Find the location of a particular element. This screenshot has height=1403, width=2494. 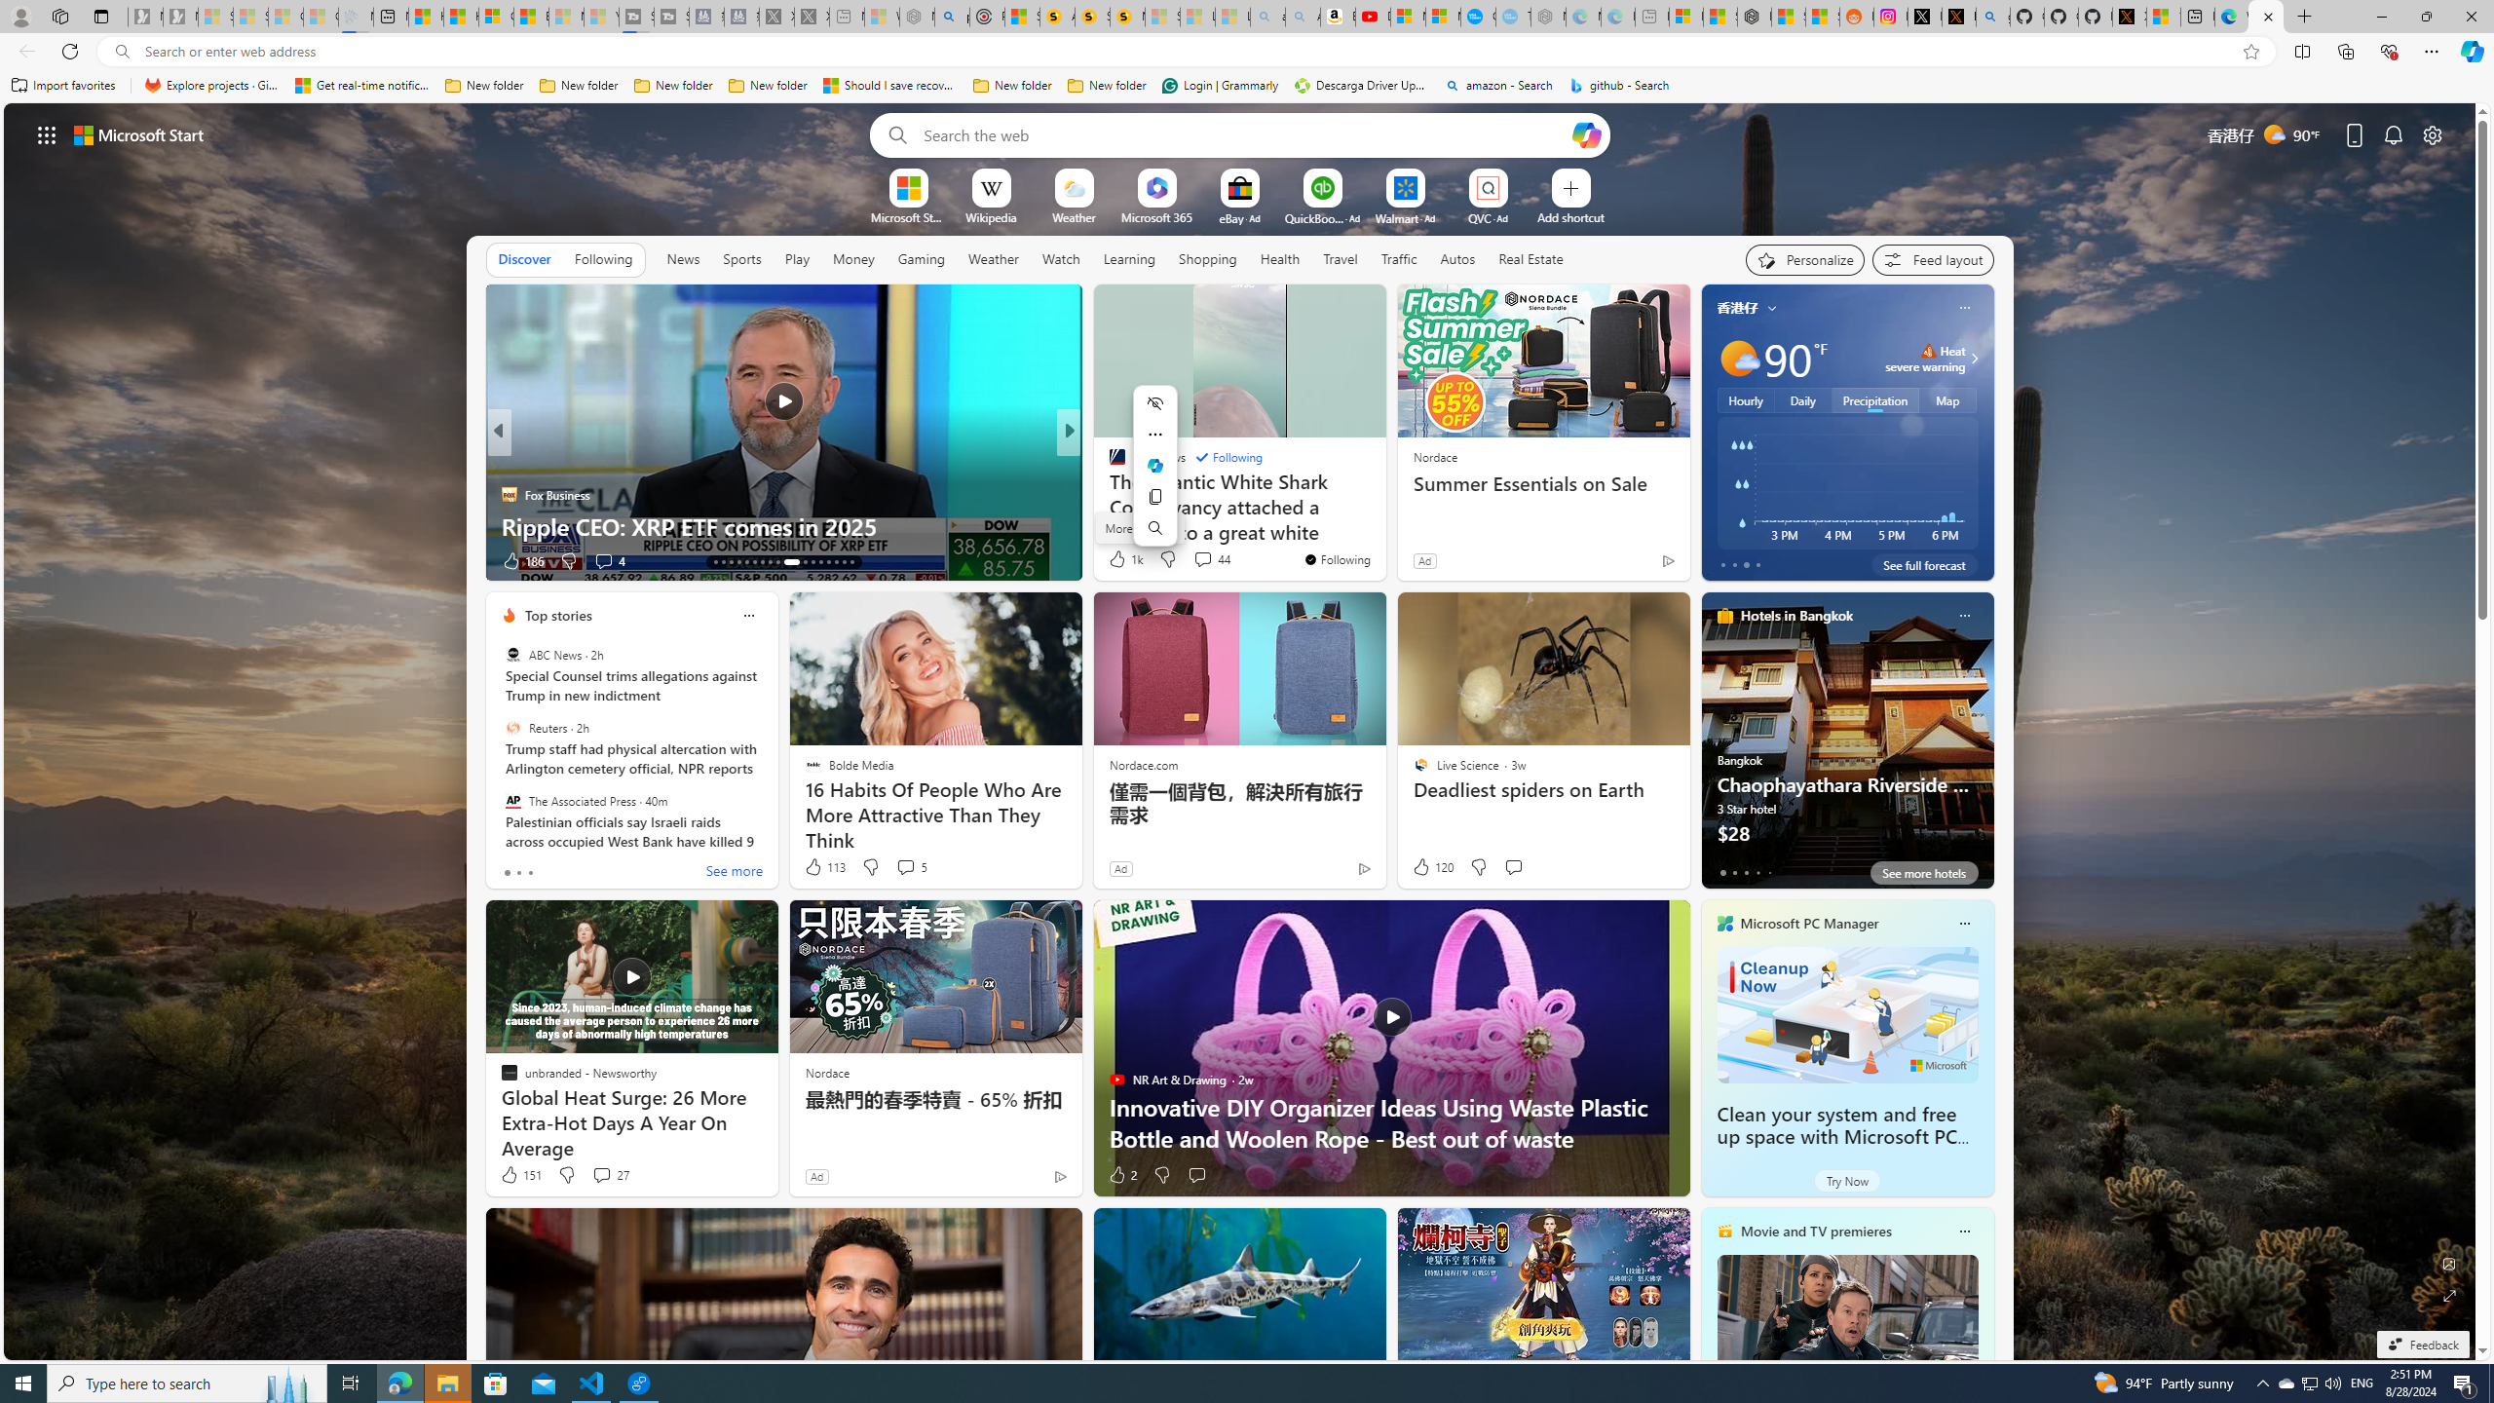

'Class: weather-arrow-glyph' is located at coordinates (1973, 358).